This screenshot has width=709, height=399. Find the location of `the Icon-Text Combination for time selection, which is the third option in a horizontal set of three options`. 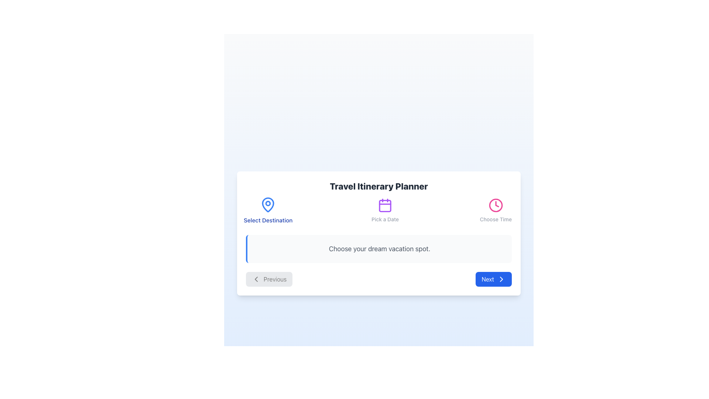

the Icon-Text Combination for time selection, which is the third option in a horizontal set of three options is located at coordinates (496, 211).